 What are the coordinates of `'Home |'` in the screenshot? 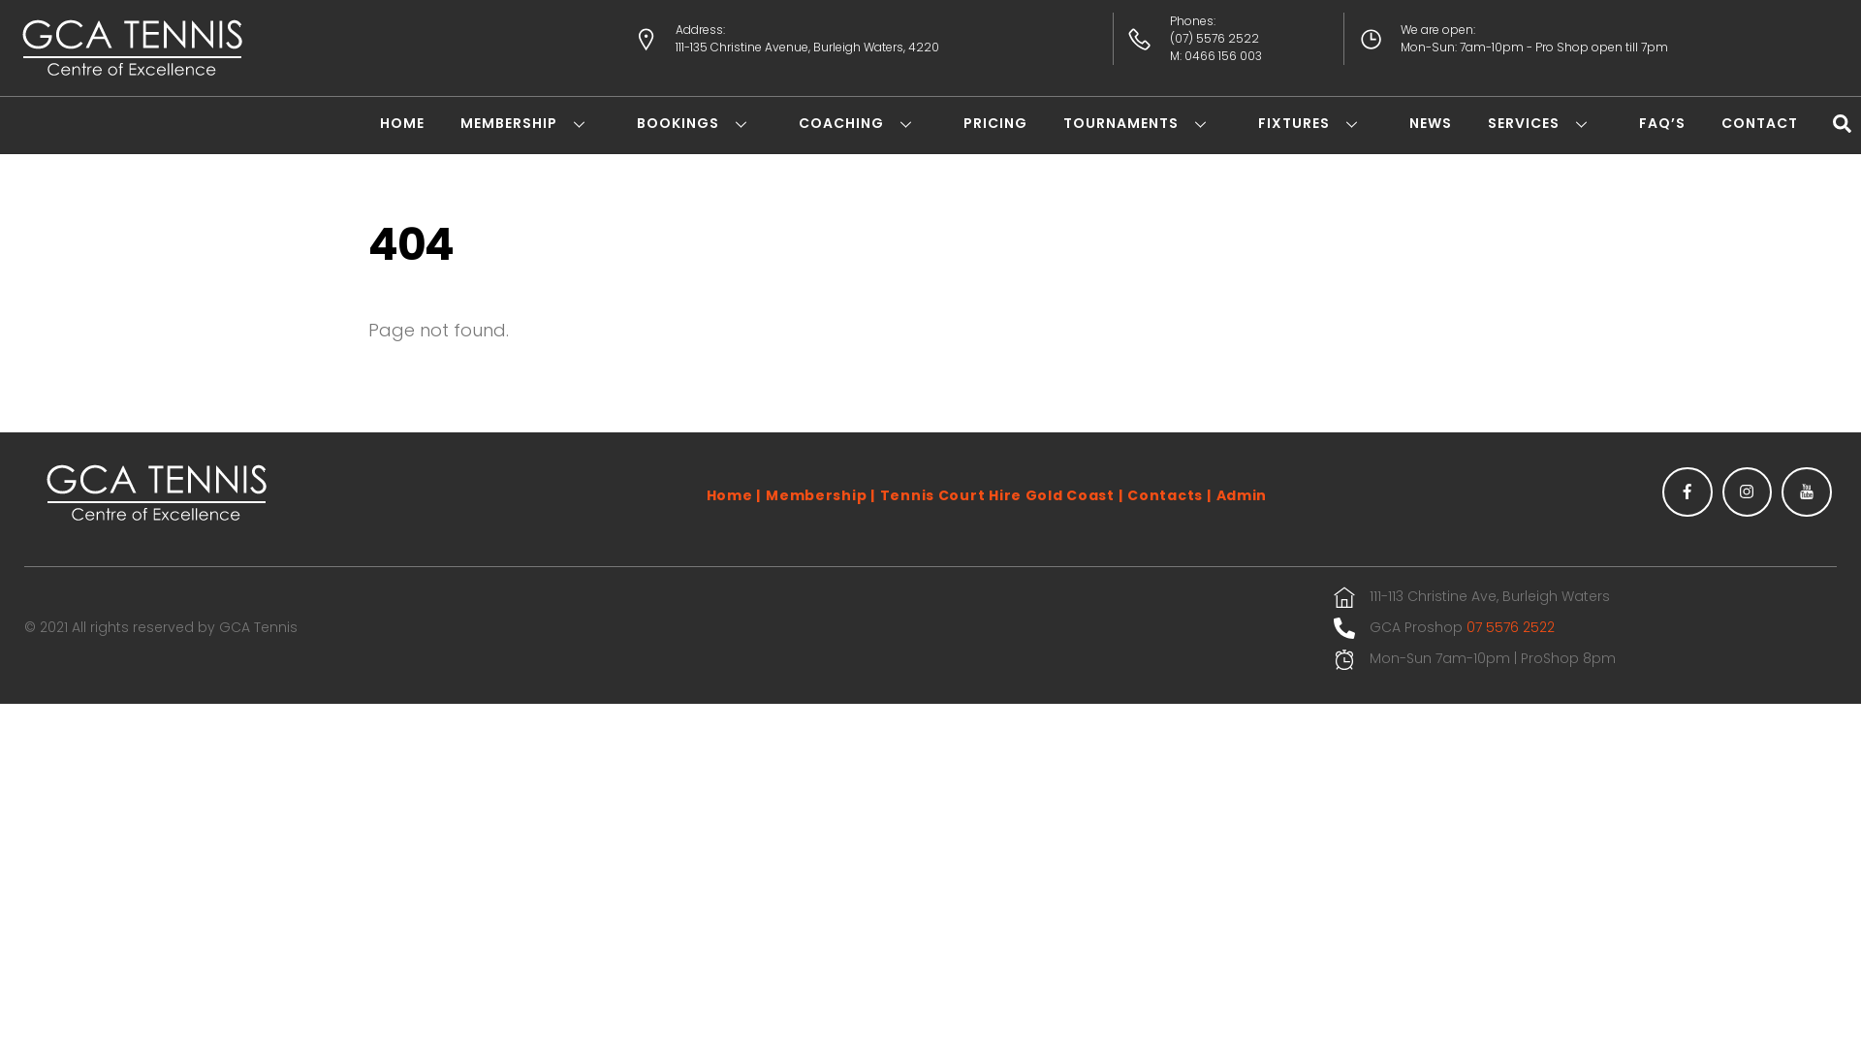 It's located at (733, 493).